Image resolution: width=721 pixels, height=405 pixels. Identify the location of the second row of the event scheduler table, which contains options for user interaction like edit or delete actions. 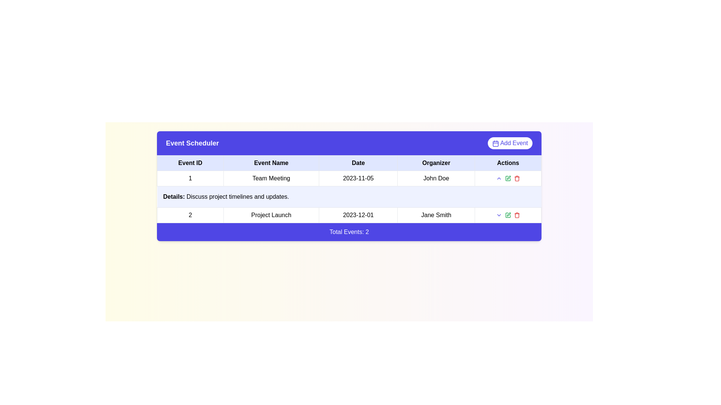
(349, 215).